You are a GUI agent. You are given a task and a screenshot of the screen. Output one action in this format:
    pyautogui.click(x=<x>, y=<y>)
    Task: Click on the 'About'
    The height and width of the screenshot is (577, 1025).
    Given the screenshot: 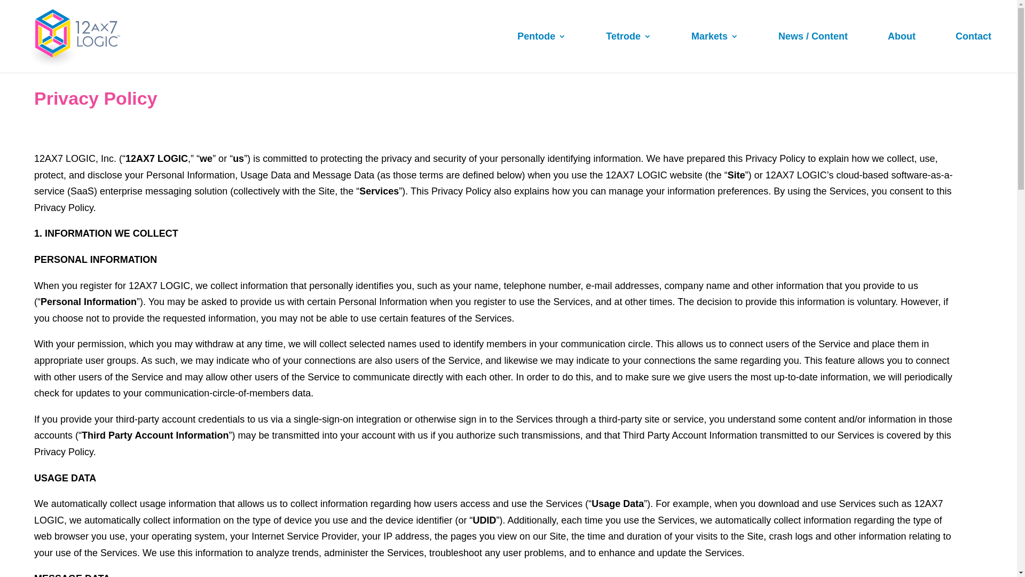 What is the action you would take?
    pyautogui.click(x=887, y=52)
    